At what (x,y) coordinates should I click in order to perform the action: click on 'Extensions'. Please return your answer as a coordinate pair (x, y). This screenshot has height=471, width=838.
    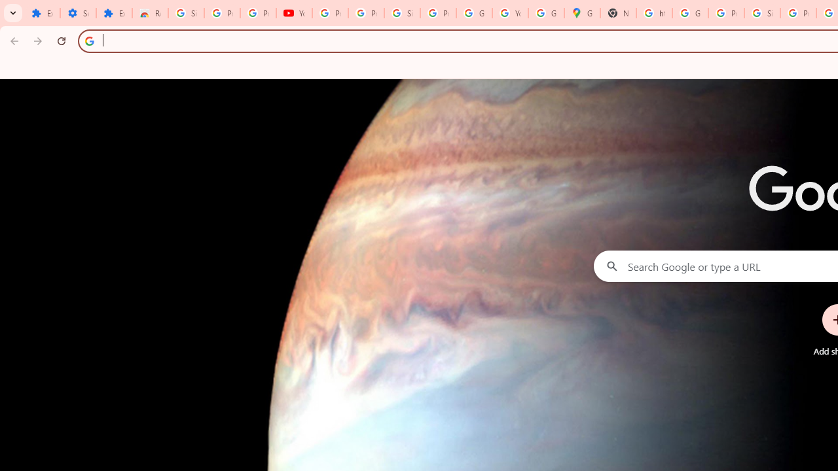
    Looking at the image, I should click on (114, 13).